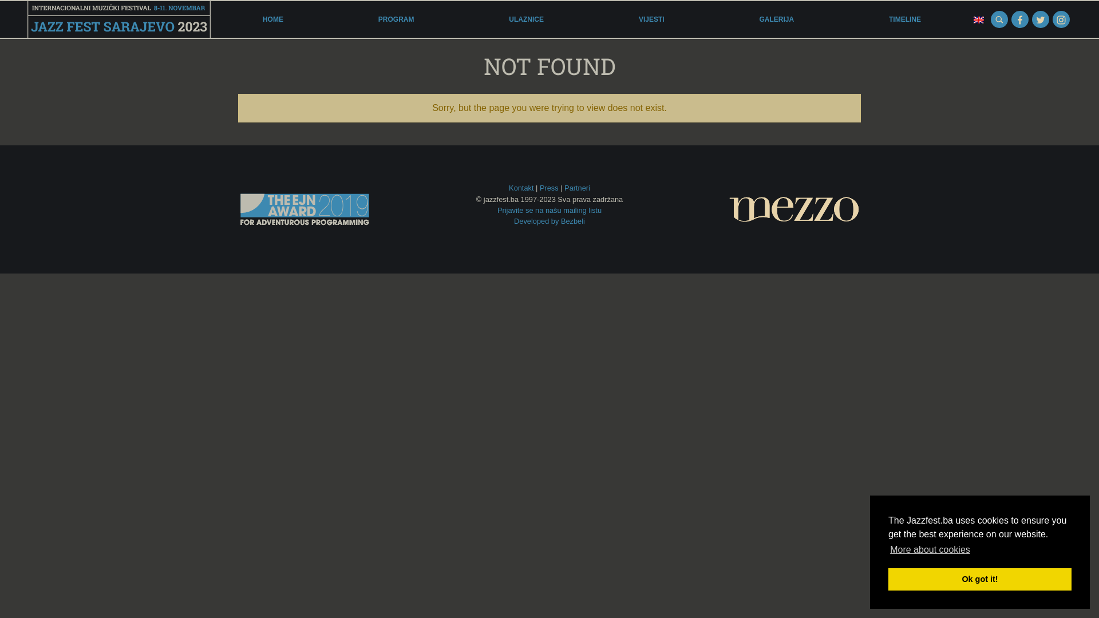 Image resolution: width=1099 pixels, height=618 pixels. What do you see at coordinates (520, 187) in the screenshot?
I see `'Kontakt'` at bounding box center [520, 187].